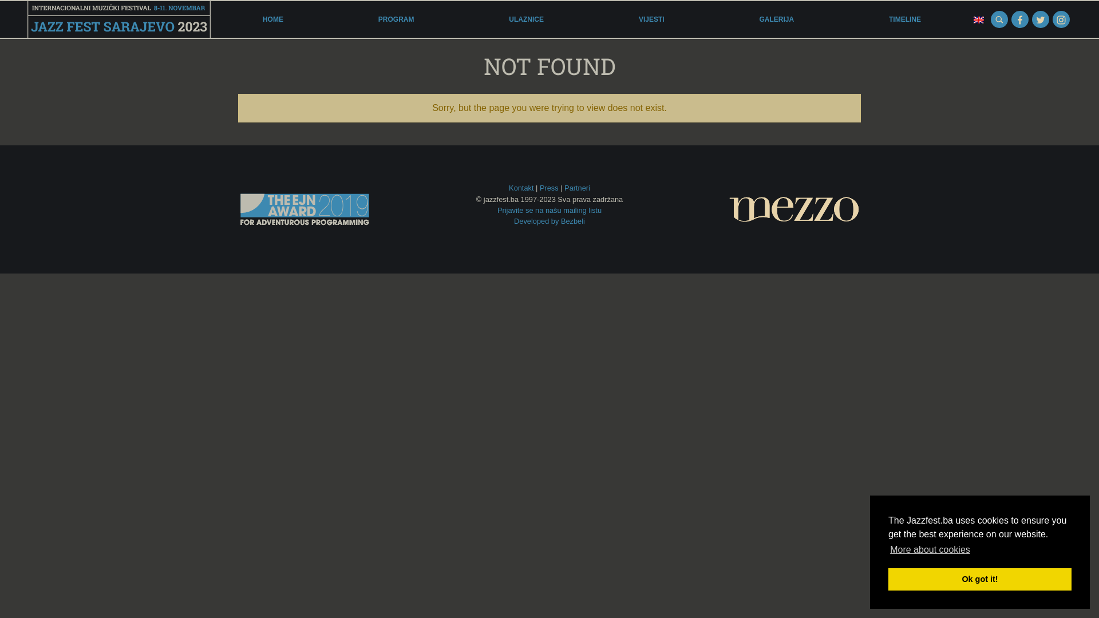 Image resolution: width=1099 pixels, height=618 pixels. What do you see at coordinates (520, 187) in the screenshot?
I see `'Kontakt'` at bounding box center [520, 187].